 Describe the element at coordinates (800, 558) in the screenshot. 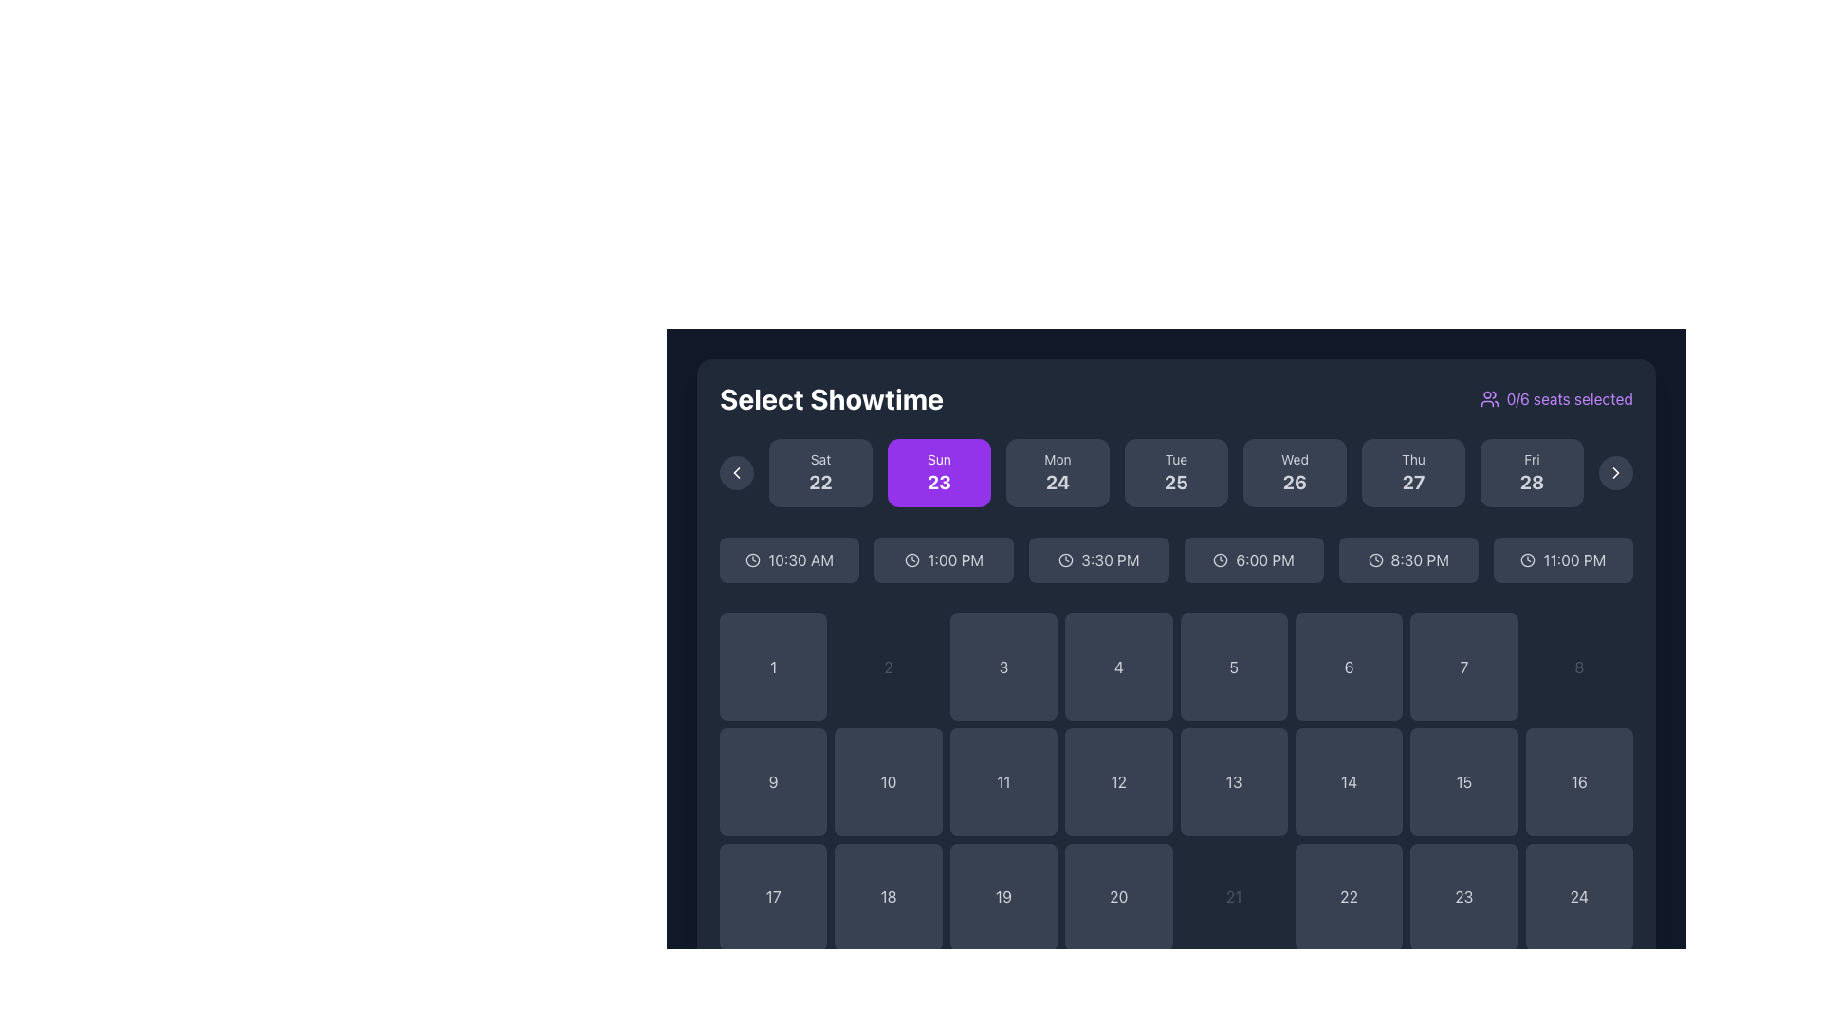

I see `the selectable showtime option button for 10:30 AM, located in the first slot of the showtime options row below the highlighted 'Sun 23' day selector` at that location.